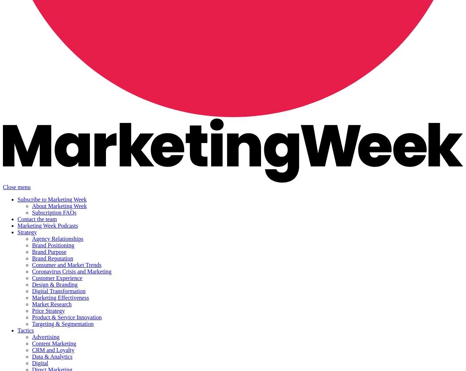 The height and width of the screenshot is (371, 466). What do you see at coordinates (25, 330) in the screenshot?
I see `'Tactics'` at bounding box center [25, 330].